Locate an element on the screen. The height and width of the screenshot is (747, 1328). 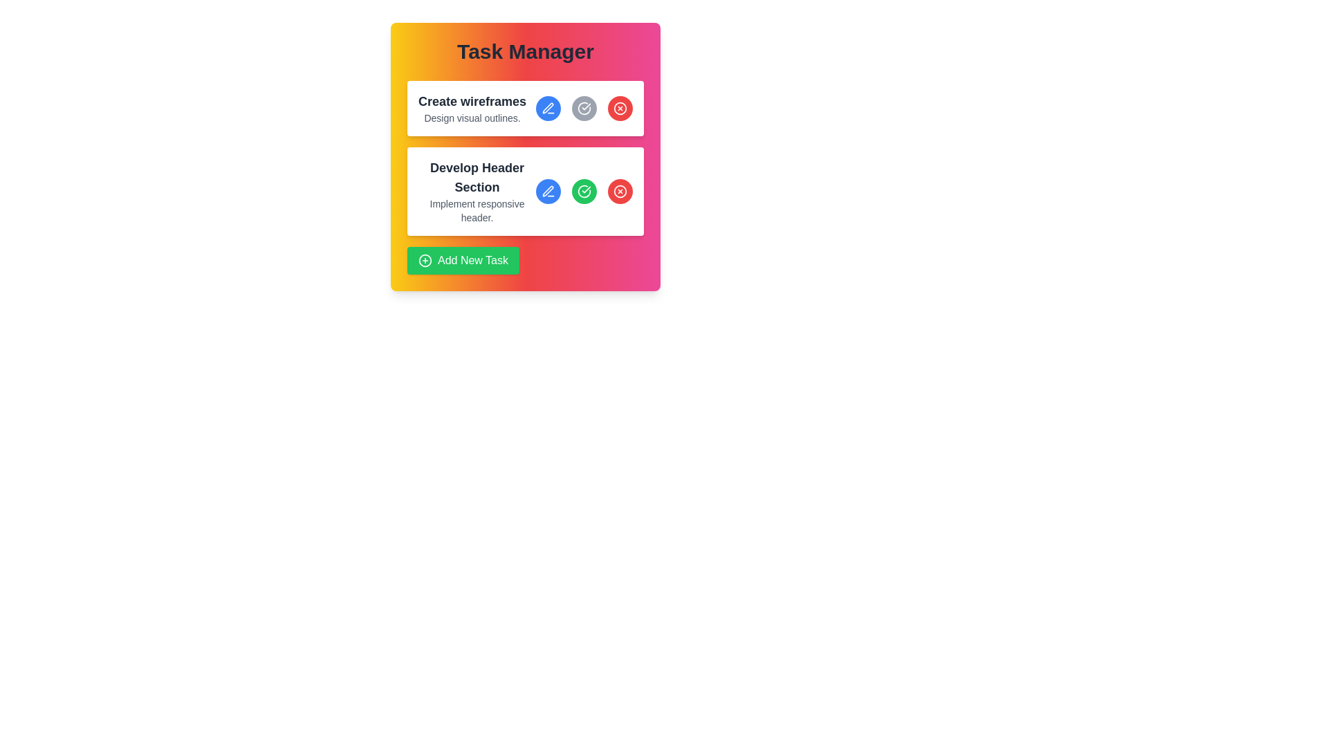
the circular red button with an 'X' icon in the top-right corner is located at coordinates (620, 108).